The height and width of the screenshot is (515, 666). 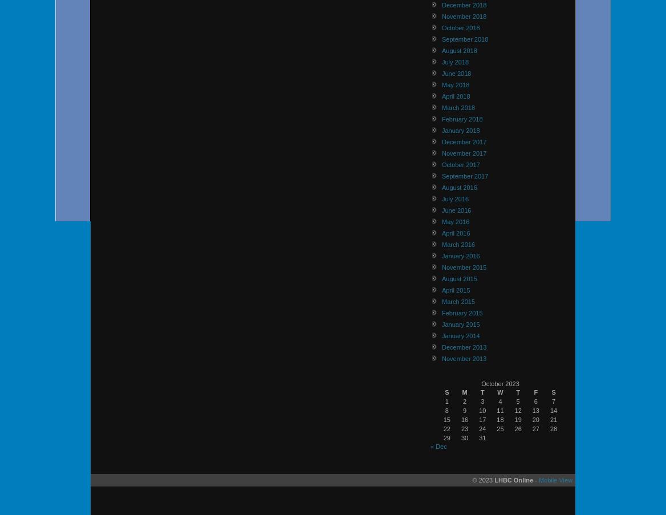 What do you see at coordinates (464, 409) in the screenshot?
I see `'9'` at bounding box center [464, 409].